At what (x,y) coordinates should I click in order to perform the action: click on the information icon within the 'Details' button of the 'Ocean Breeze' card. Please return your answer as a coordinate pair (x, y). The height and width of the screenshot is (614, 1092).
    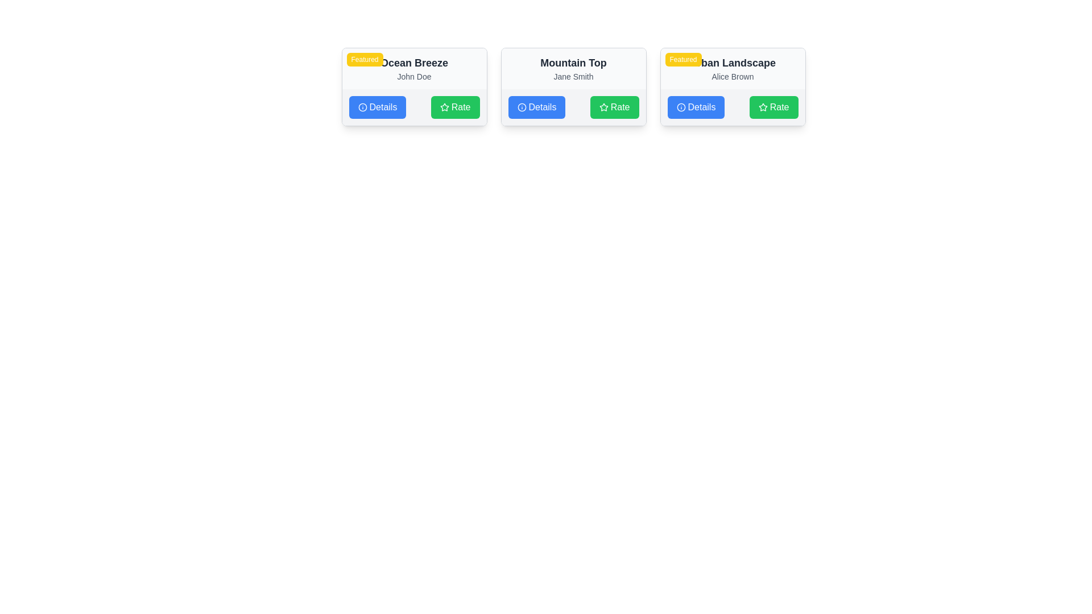
    Looking at the image, I should click on (362, 107).